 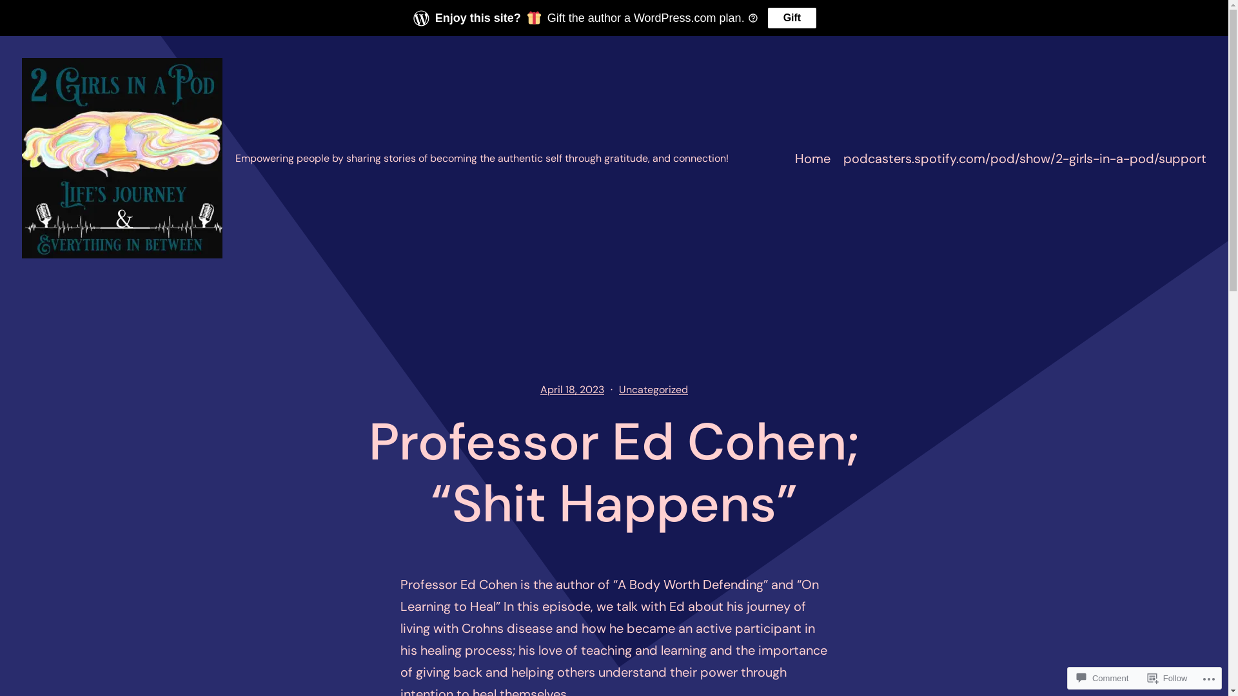 I want to click on 'Home', so click(x=812, y=157).